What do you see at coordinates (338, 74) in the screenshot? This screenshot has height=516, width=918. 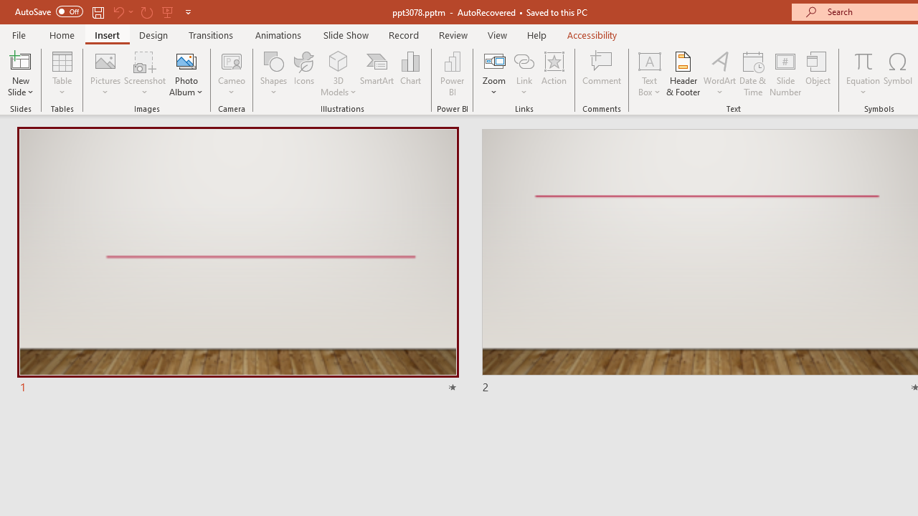 I see `'3D Models'` at bounding box center [338, 74].